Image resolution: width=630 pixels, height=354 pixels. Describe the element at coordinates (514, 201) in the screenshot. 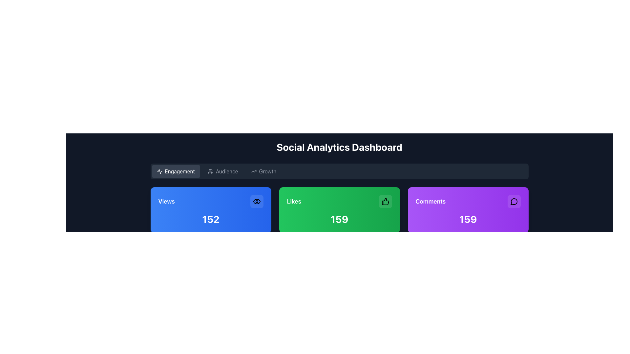

I see `the circular icon resembling a speech bubble located in the upper-right corner of the purple card labeled 'Comments'` at that location.